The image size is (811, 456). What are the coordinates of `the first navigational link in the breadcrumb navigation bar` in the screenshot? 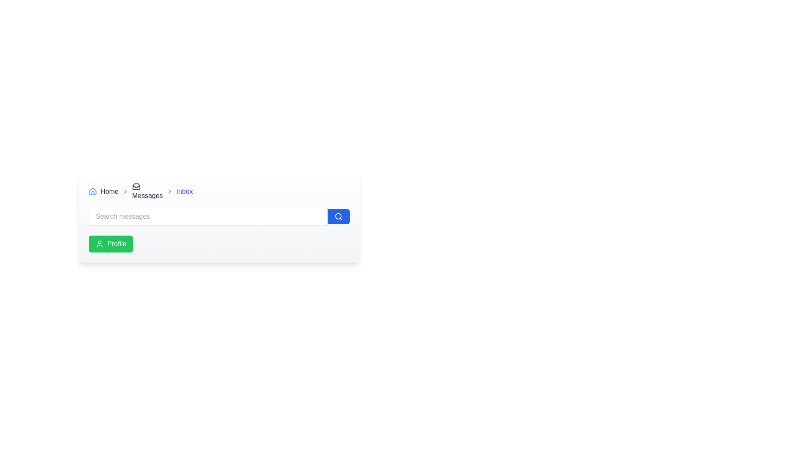 It's located at (103, 192).